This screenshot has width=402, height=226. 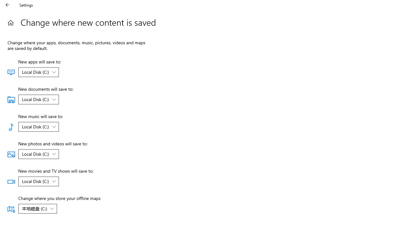 I want to click on 'Home', so click(x=10, y=22).